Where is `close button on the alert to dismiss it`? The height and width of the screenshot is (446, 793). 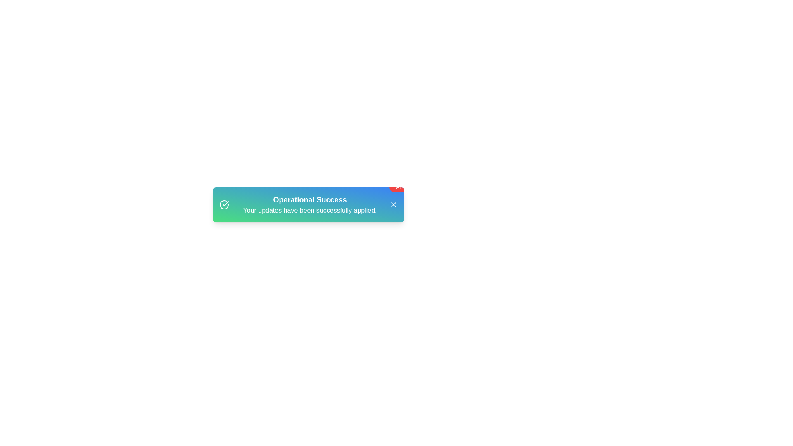
close button on the alert to dismiss it is located at coordinates (393, 204).